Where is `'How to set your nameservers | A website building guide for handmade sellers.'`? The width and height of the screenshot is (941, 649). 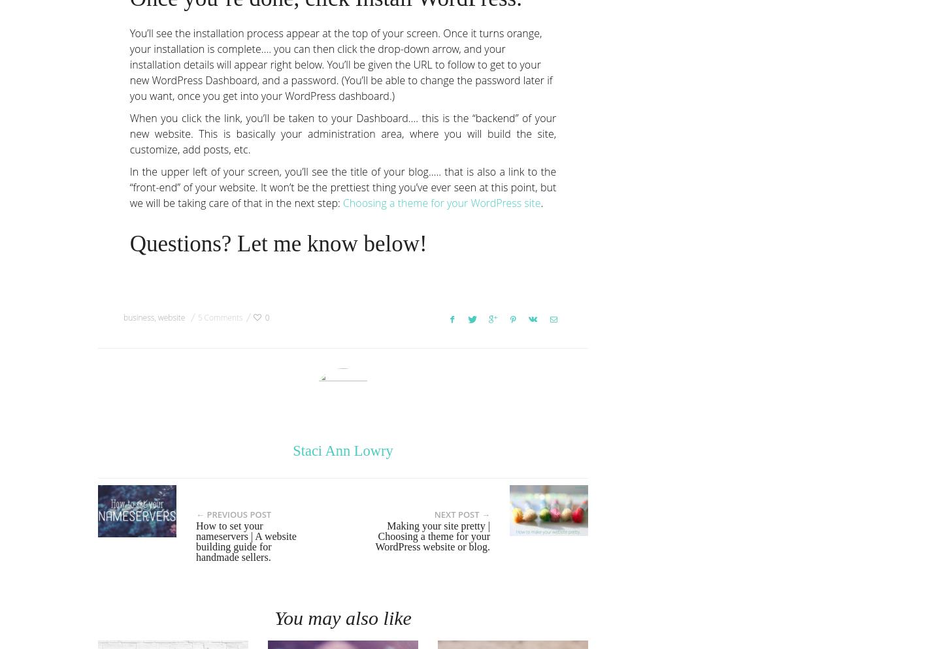
'How to set your nameservers | A website building guide for handmade sellers.' is located at coordinates (245, 540).